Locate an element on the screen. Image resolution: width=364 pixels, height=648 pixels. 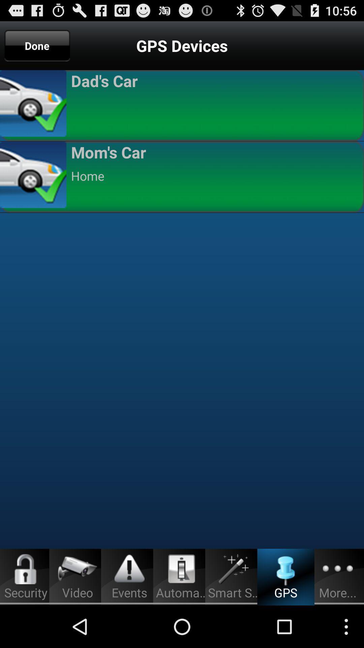
home is located at coordinates (214, 176).